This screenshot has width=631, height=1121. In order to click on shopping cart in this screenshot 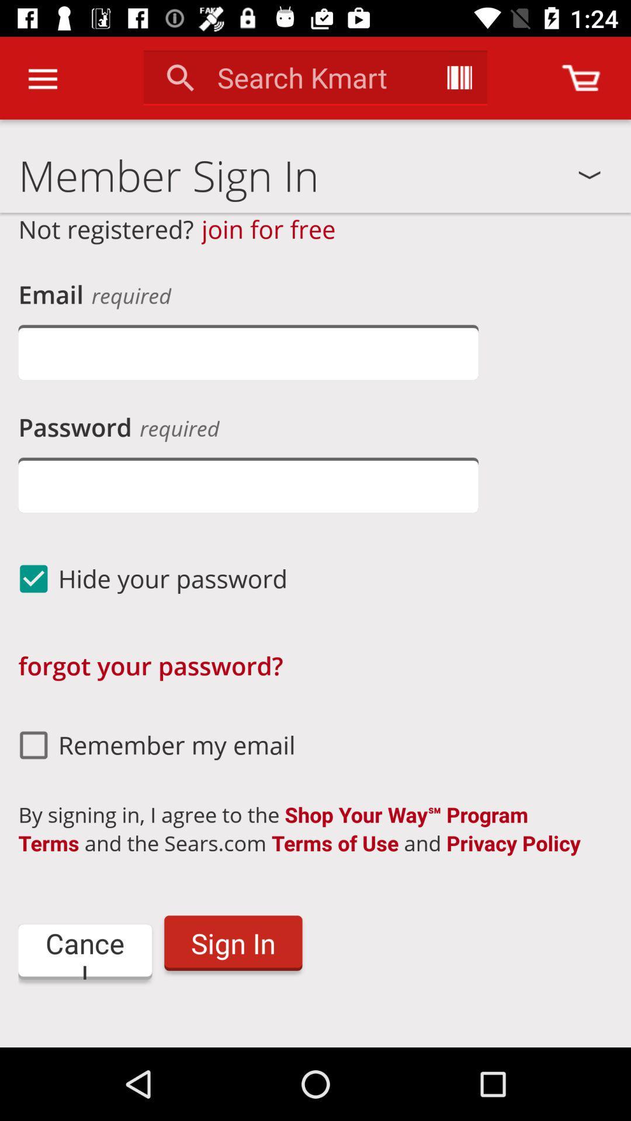, I will do `click(581, 77)`.